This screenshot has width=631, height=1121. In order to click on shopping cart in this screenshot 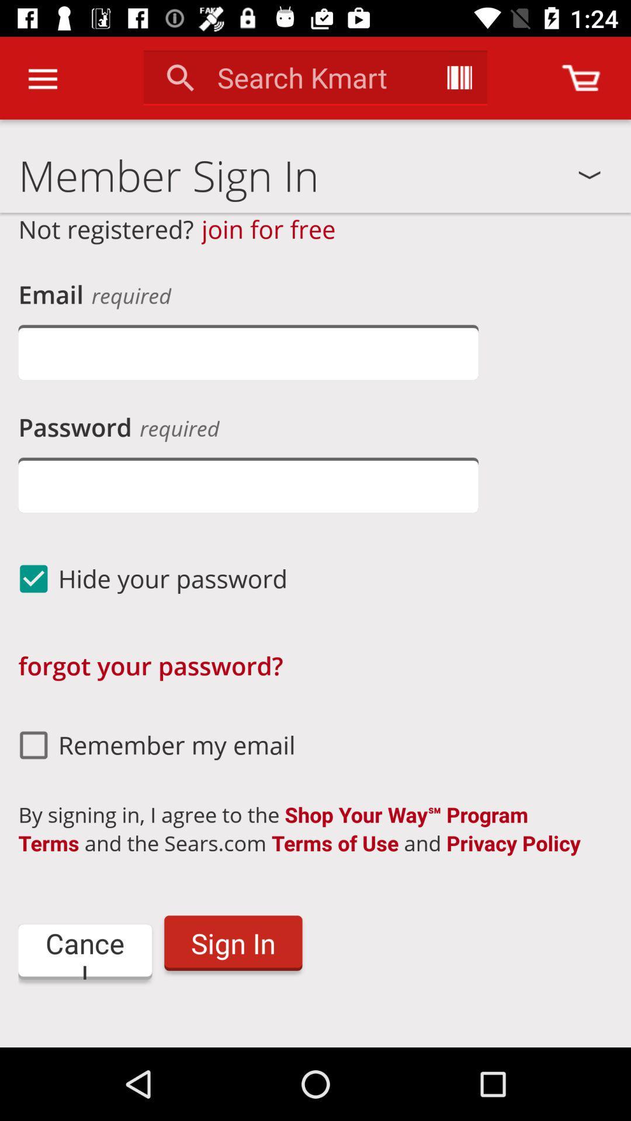, I will do `click(581, 77)`.